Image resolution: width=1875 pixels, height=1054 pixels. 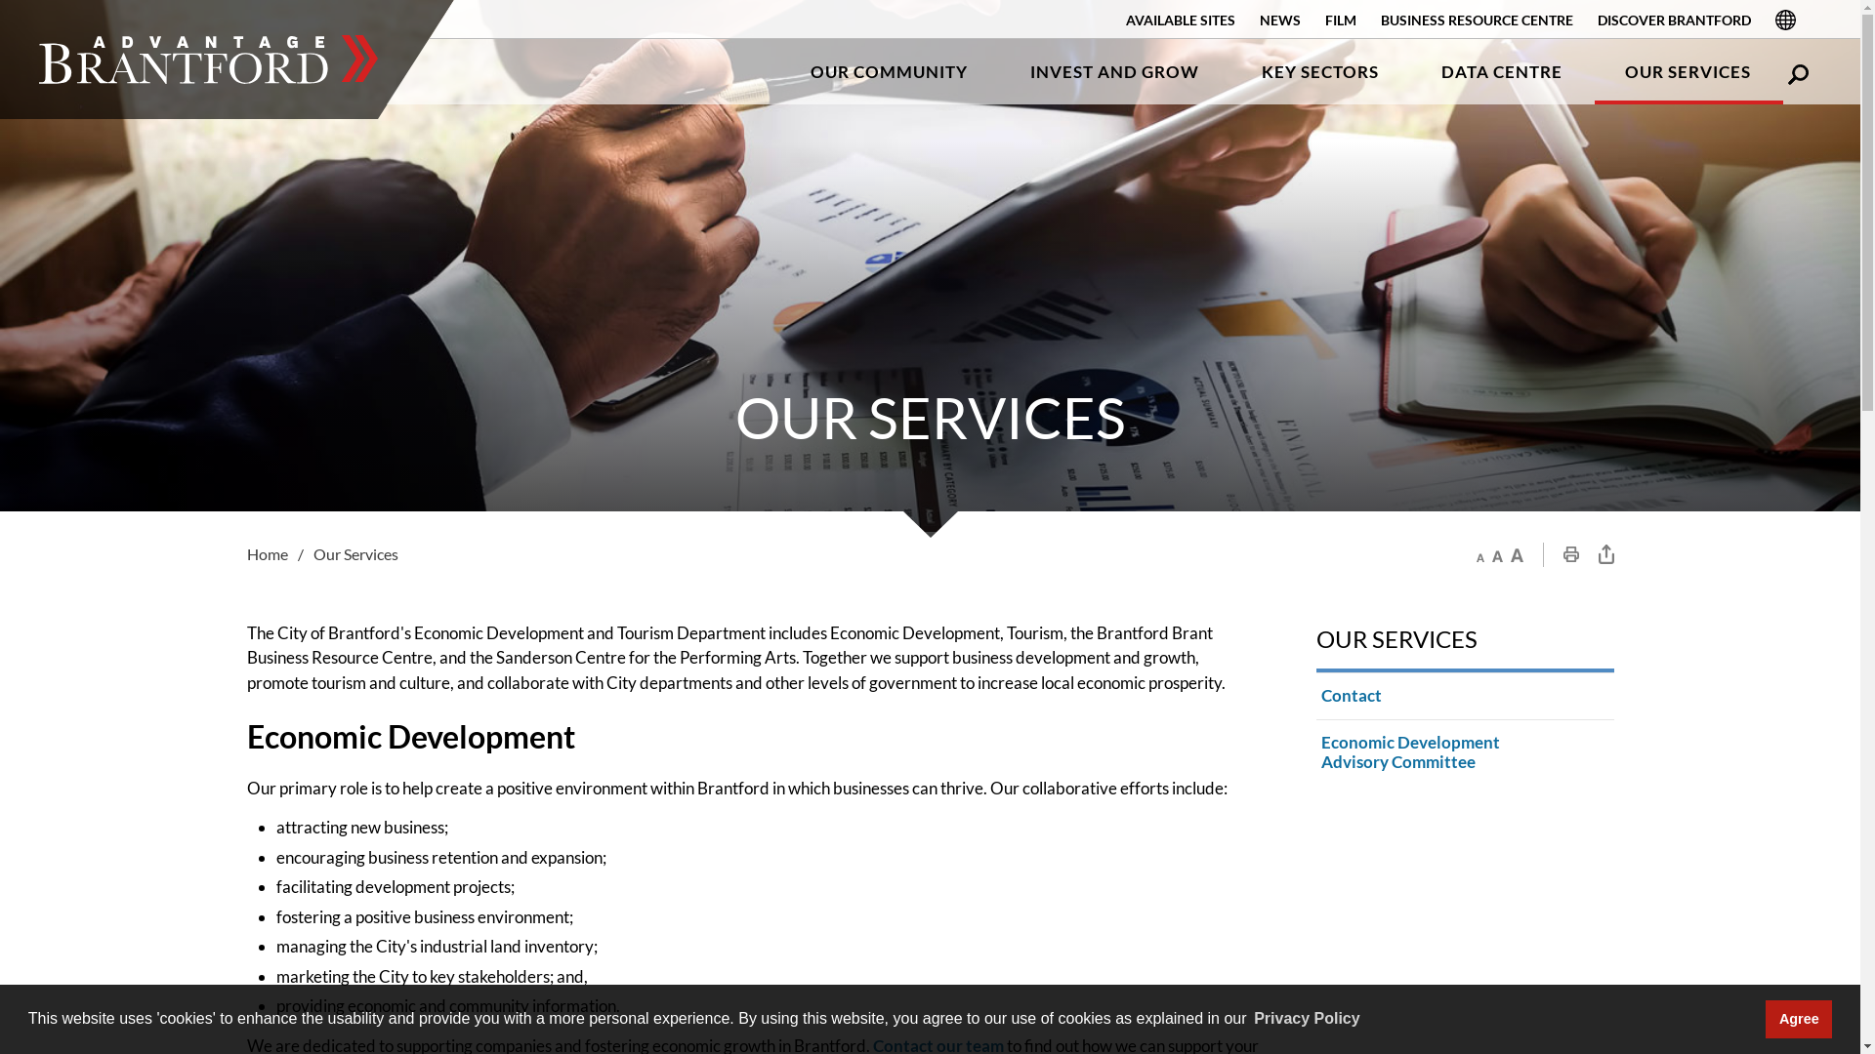 I want to click on 'AVAILABLE SITES', so click(x=1125, y=20).